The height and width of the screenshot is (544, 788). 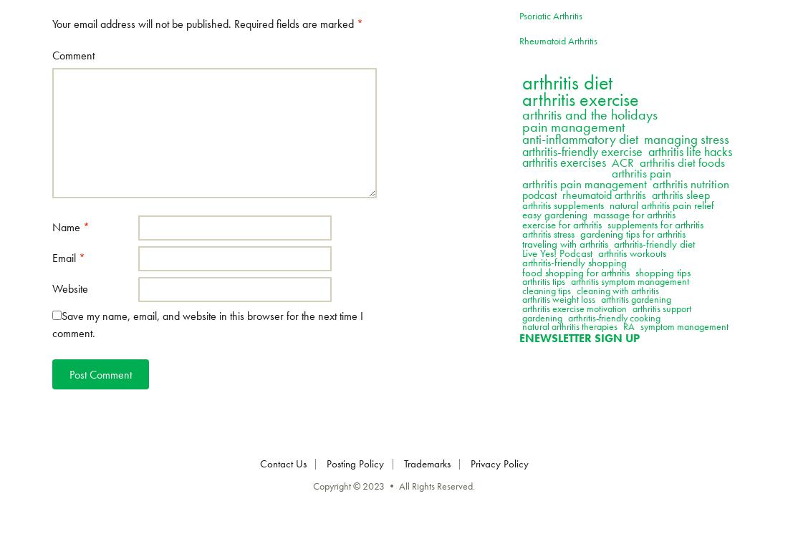 What do you see at coordinates (73, 54) in the screenshot?
I see `'Comment'` at bounding box center [73, 54].